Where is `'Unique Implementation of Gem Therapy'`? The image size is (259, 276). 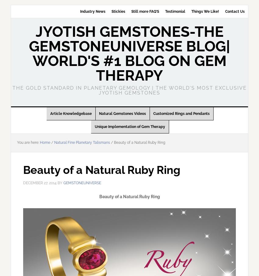 'Unique Implementation of Gem Therapy' is located at coordinates (129, 127).